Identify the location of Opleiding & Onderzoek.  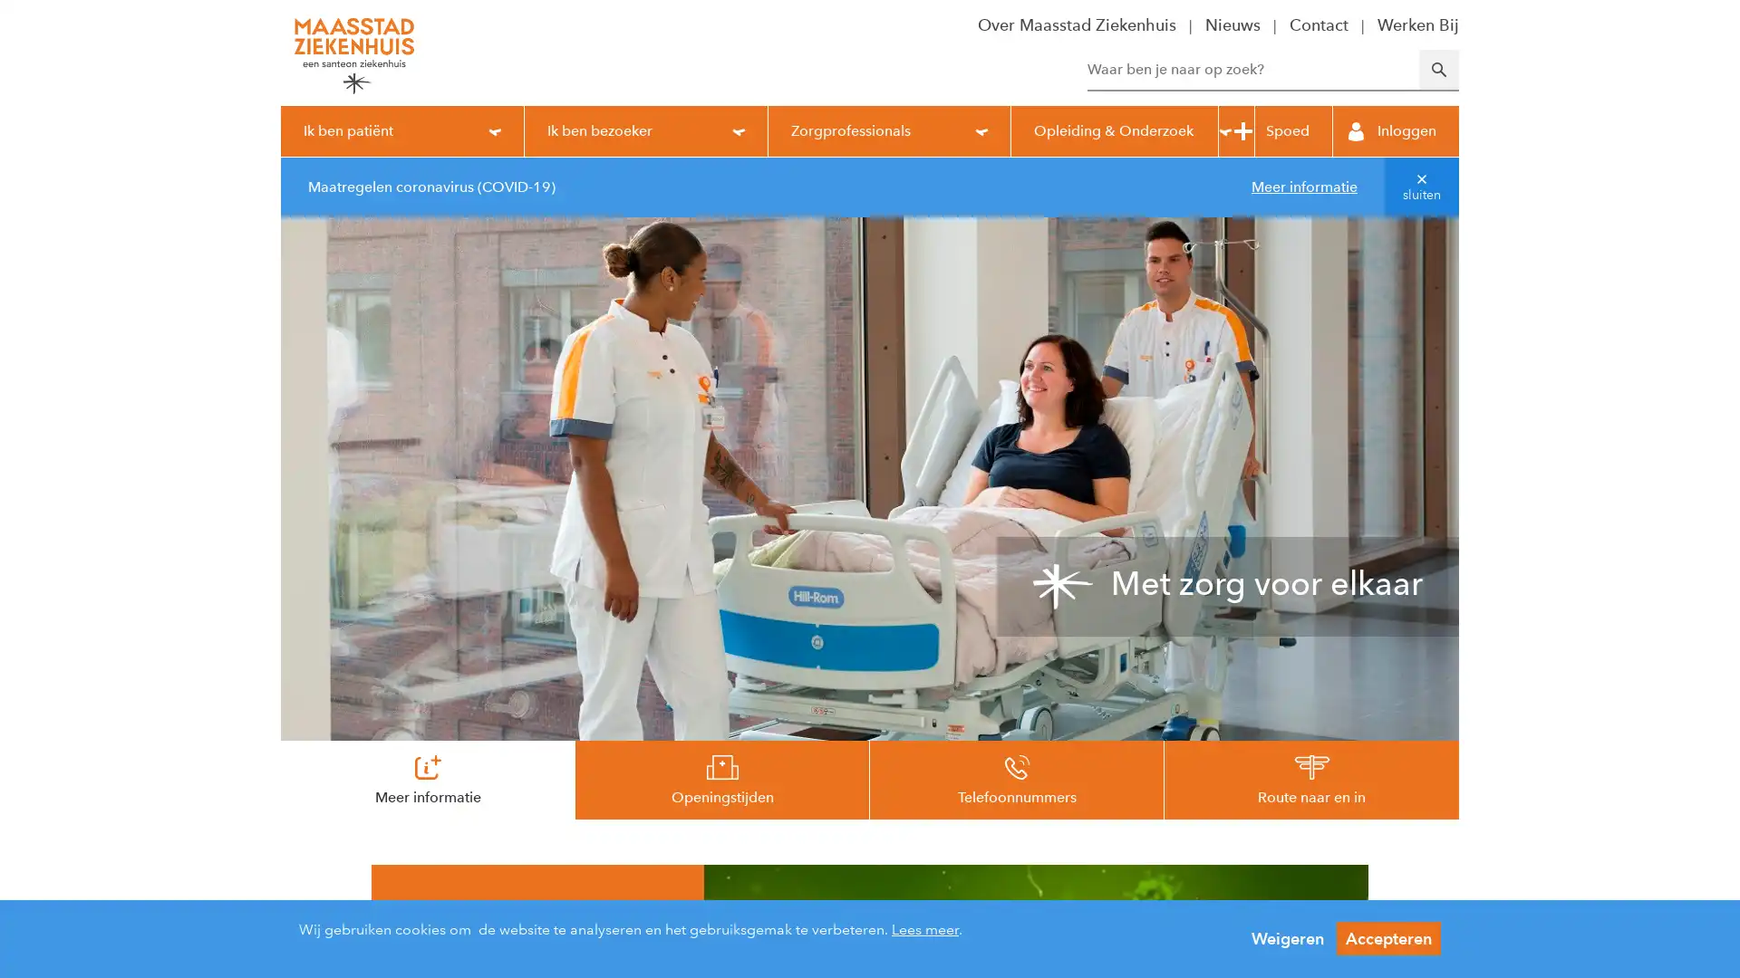
(1131, 130).